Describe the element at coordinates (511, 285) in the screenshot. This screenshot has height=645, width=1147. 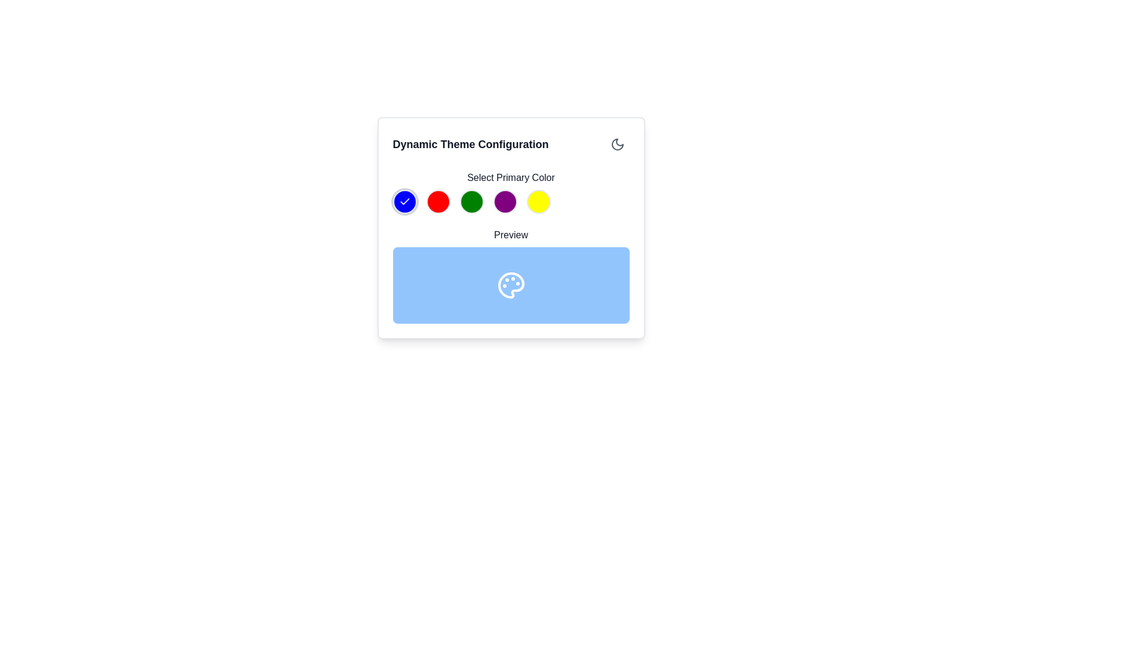
I see `the color palette icon, which is a circular shape with a cut-out curve at the bottom, located within a blue rectangular area, below the text 'Preview' in the 'Dynamic Theme Configuration' card` at that location.